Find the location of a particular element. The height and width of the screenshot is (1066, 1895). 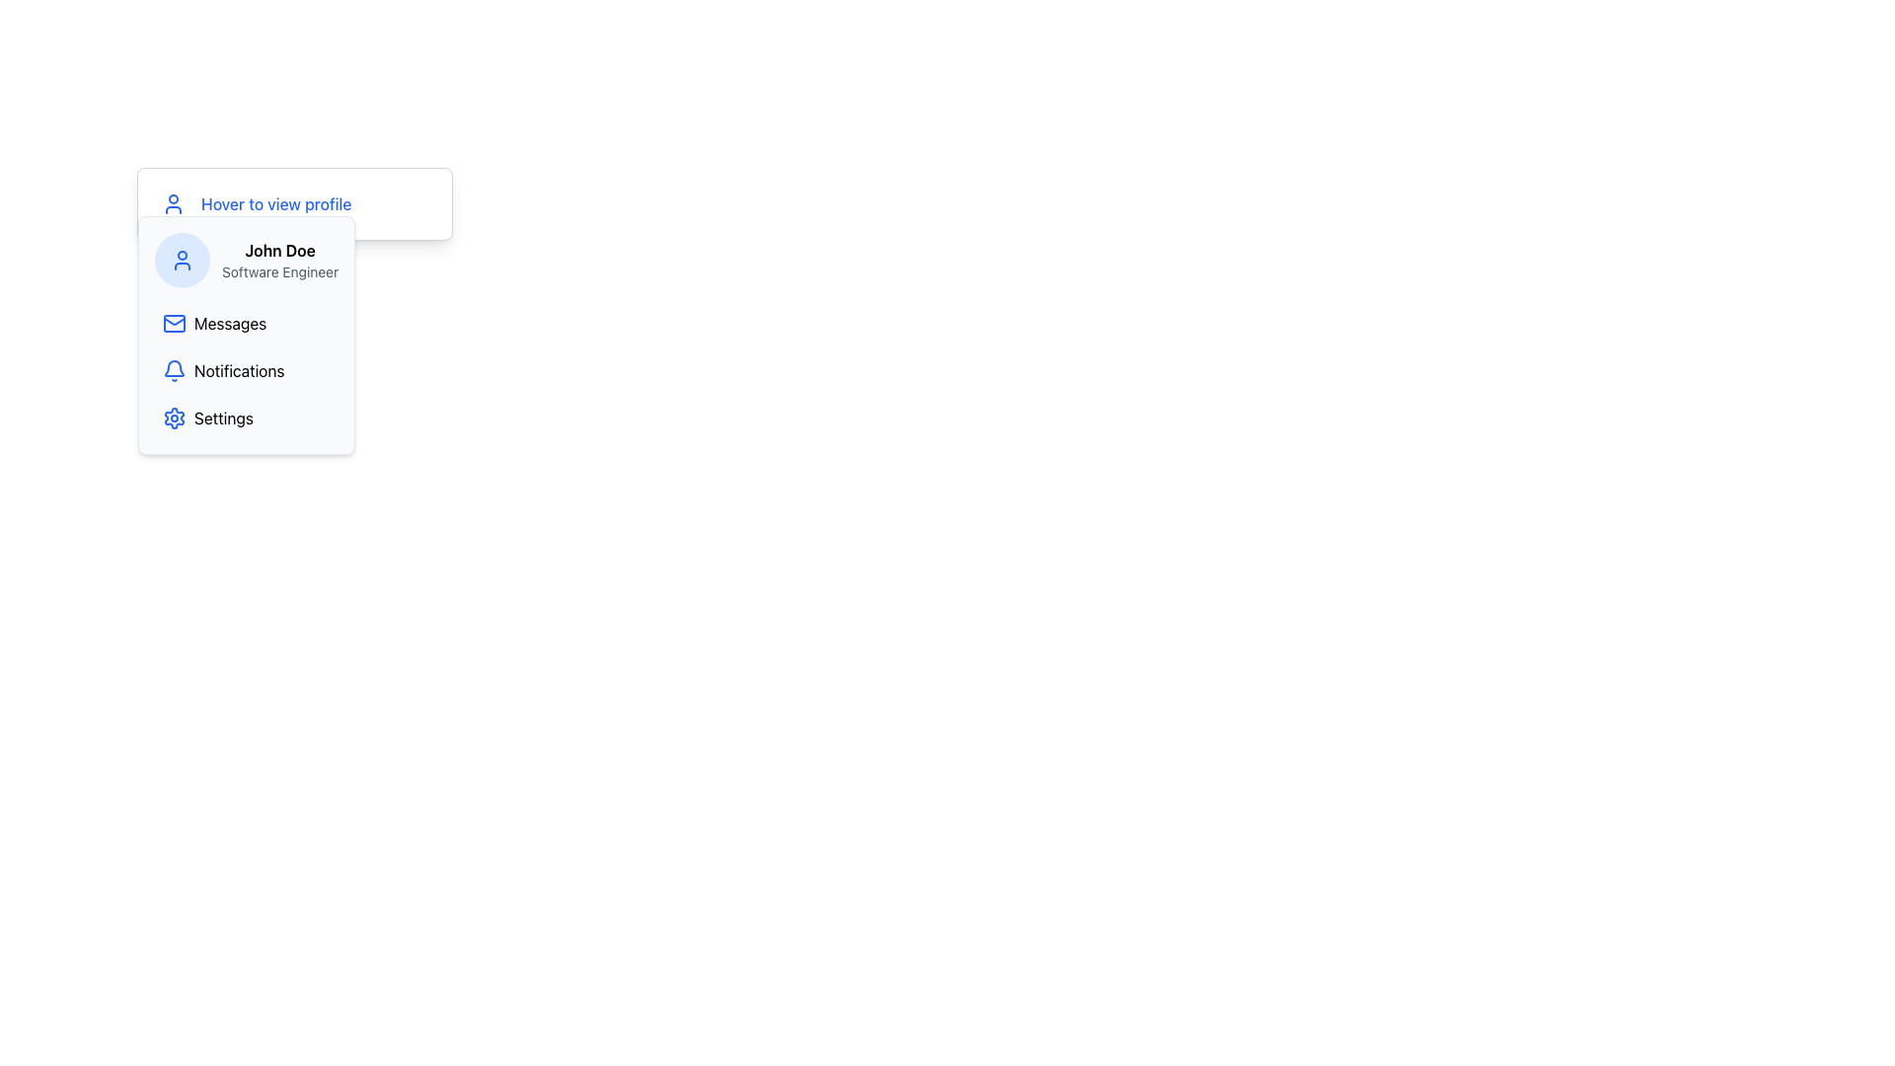

the blue outlined envelope icon next to the 'Messages' text in the dropdown menu is located at coordinates (175, 322).